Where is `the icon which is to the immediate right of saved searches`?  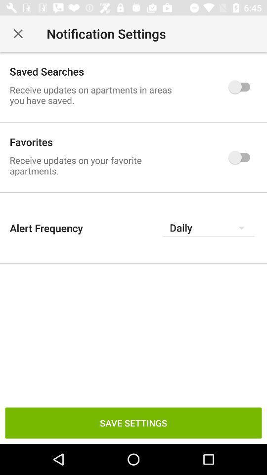 the icon which is to the immediate right of saved searches is located at coordinates (241, 86).